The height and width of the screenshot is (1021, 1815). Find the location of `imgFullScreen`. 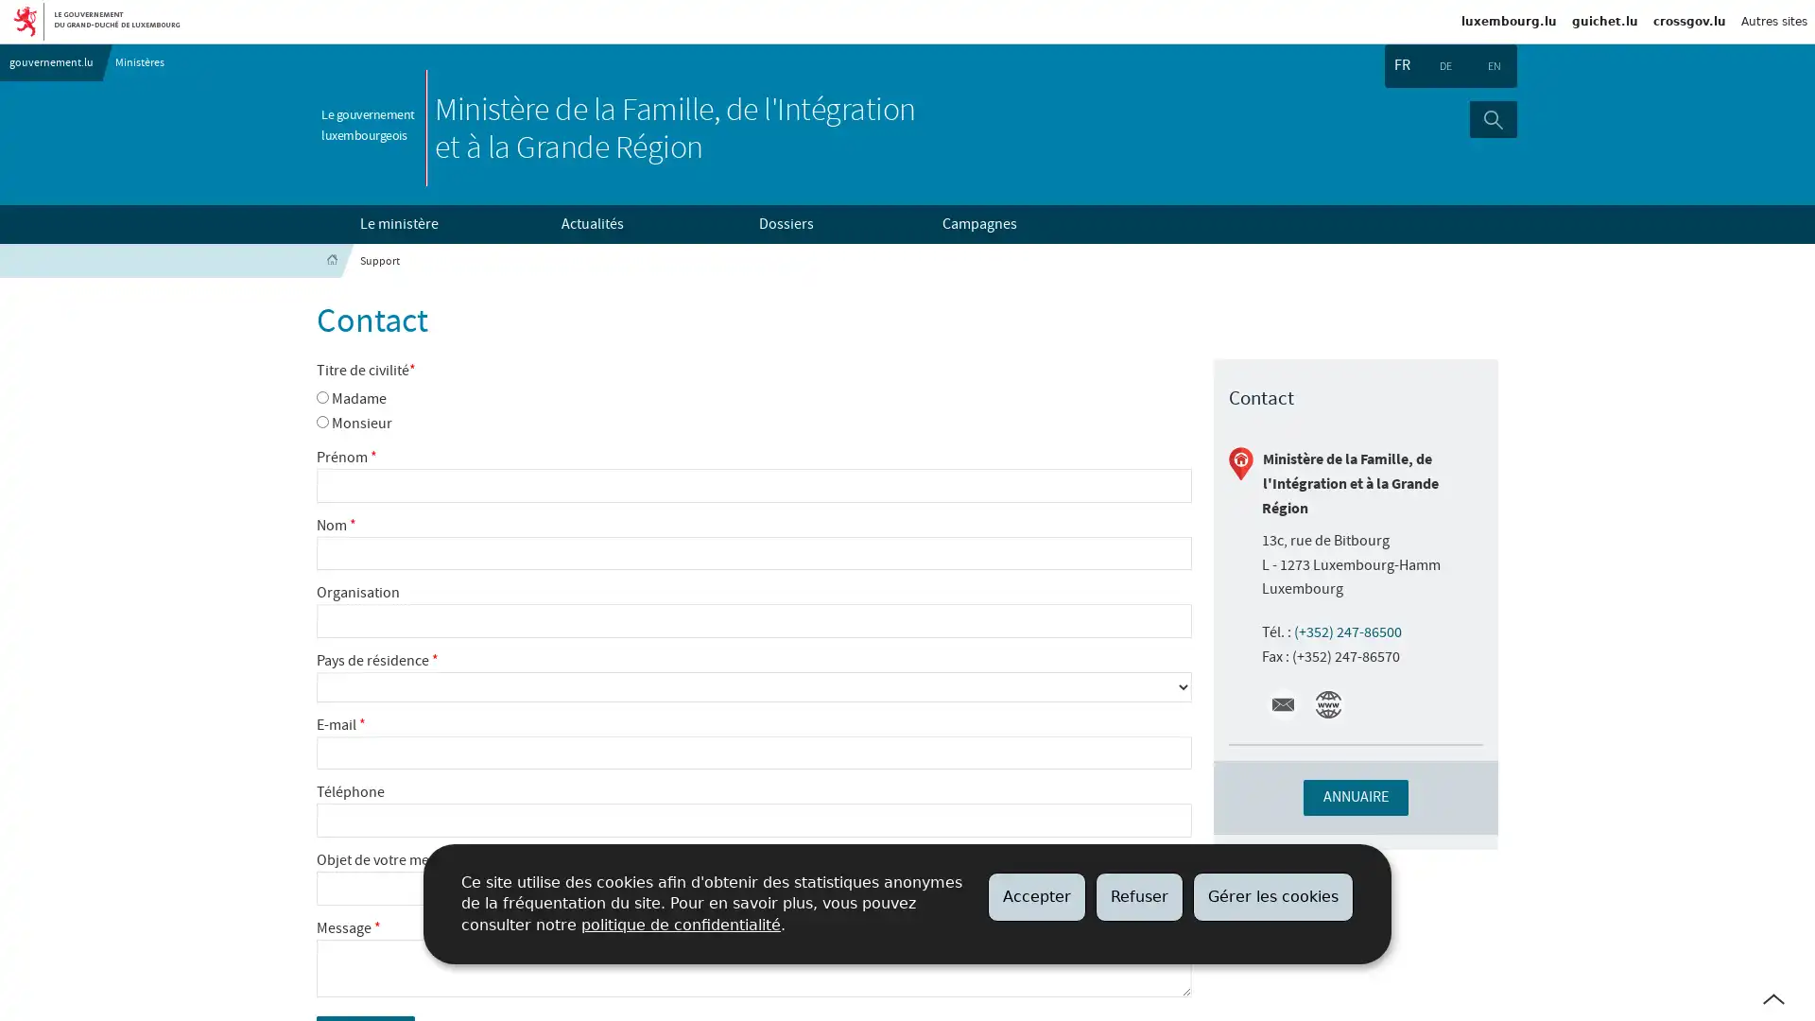

imgFullScreen is located at coordinates (1446, 778).